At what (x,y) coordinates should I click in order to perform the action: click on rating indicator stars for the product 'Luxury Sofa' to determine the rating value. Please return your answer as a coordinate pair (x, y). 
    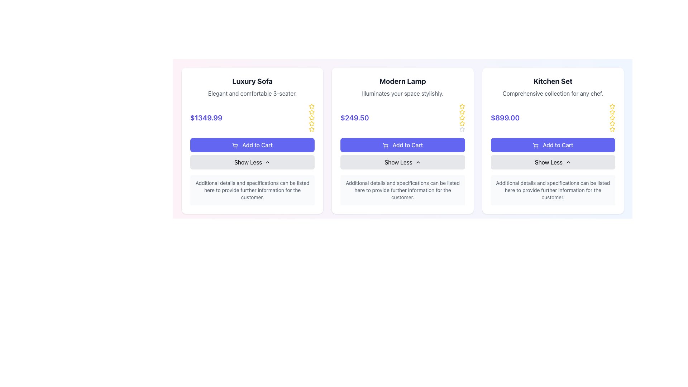
    Looking at the image, I should click on (312, 117).